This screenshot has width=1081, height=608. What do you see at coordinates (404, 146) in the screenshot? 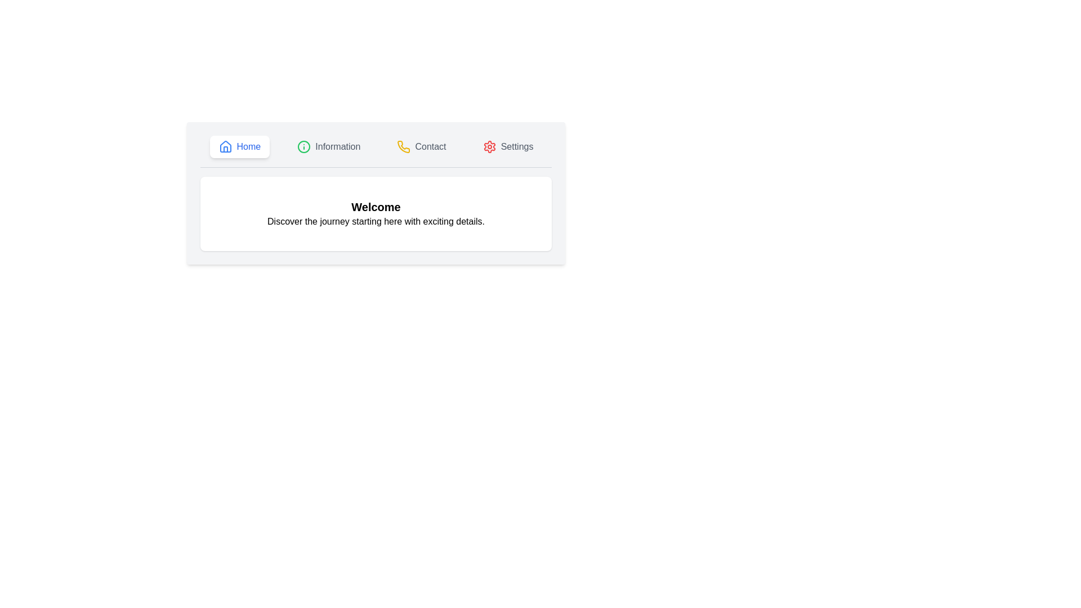
I see `the yellow phone icon located in the header navigation bar` at bounding box center [404, 146].